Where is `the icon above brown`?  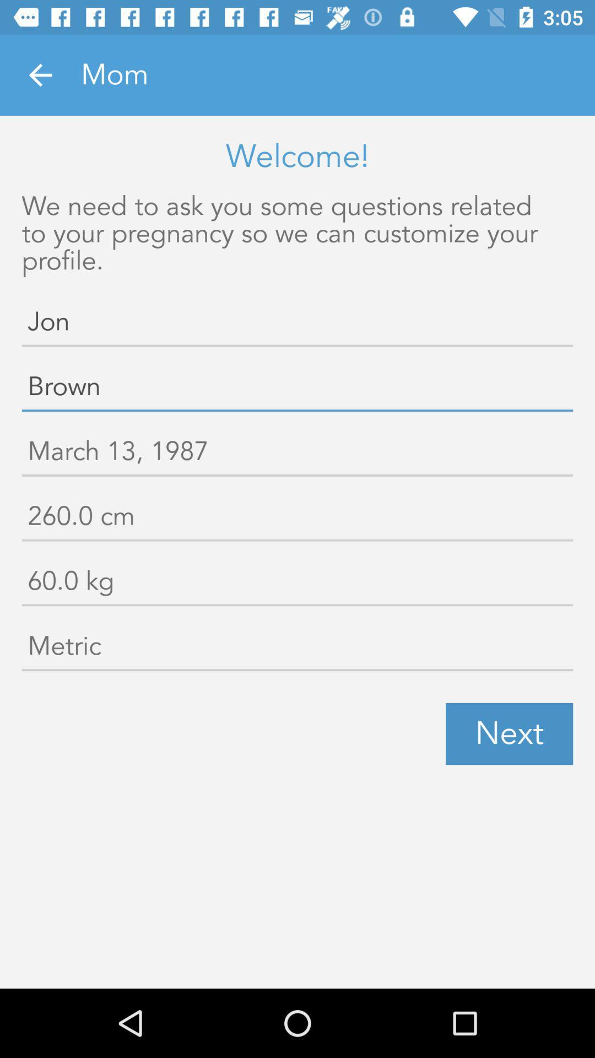
the icon above brown is located at coordinates (297, 323).